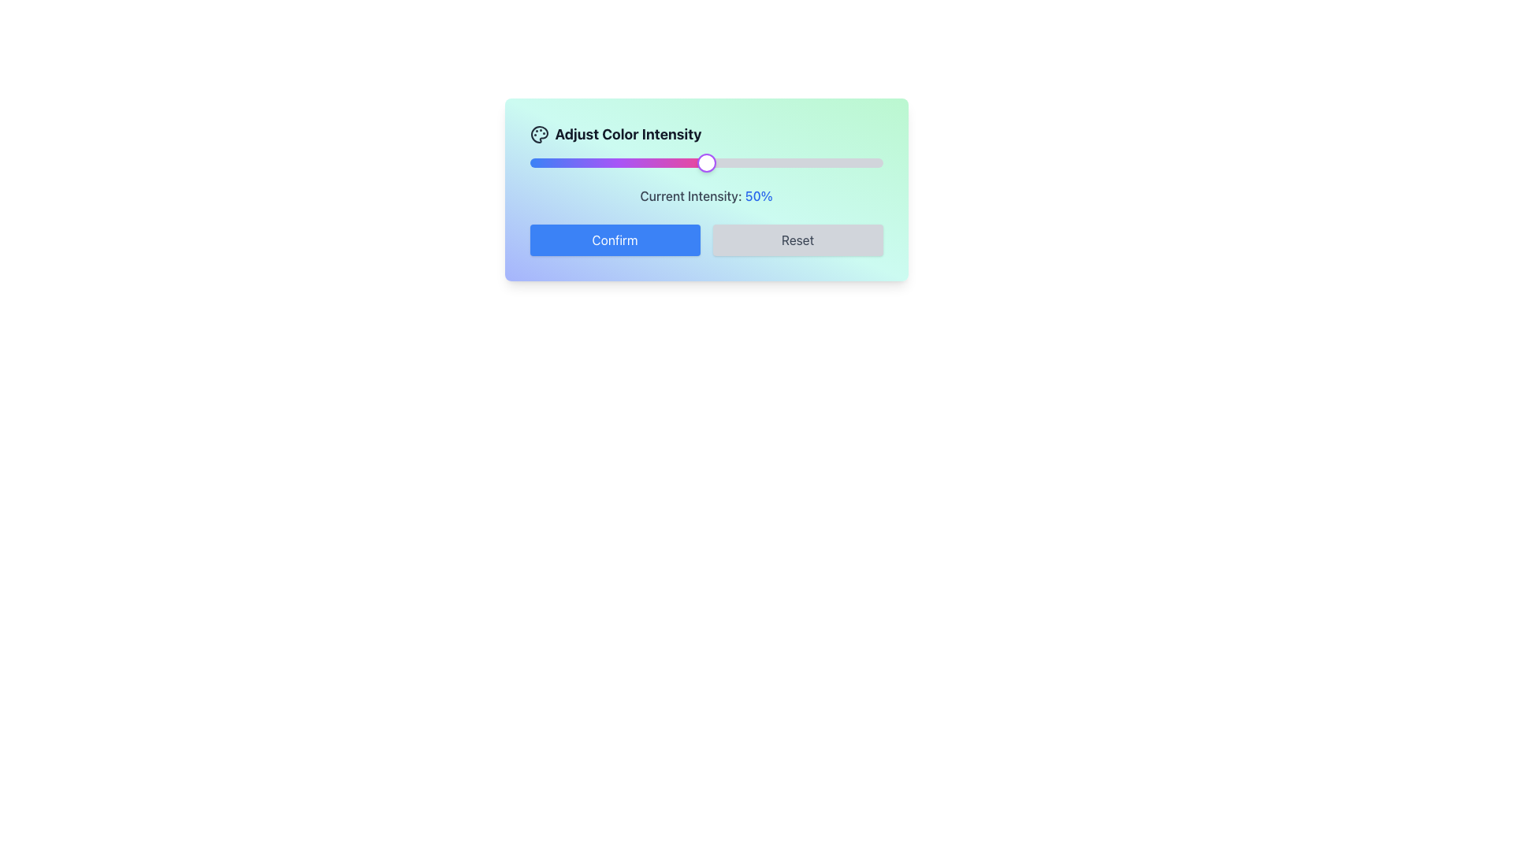 This screenshot has width=1513, height=851. Describe the element at coordinates (797, 240) in the screenshot. I see `the 'Reset' button, which is a rectangular button with rounded corners and a light gray background, located to the right of the 'Confirm' button` at that location.